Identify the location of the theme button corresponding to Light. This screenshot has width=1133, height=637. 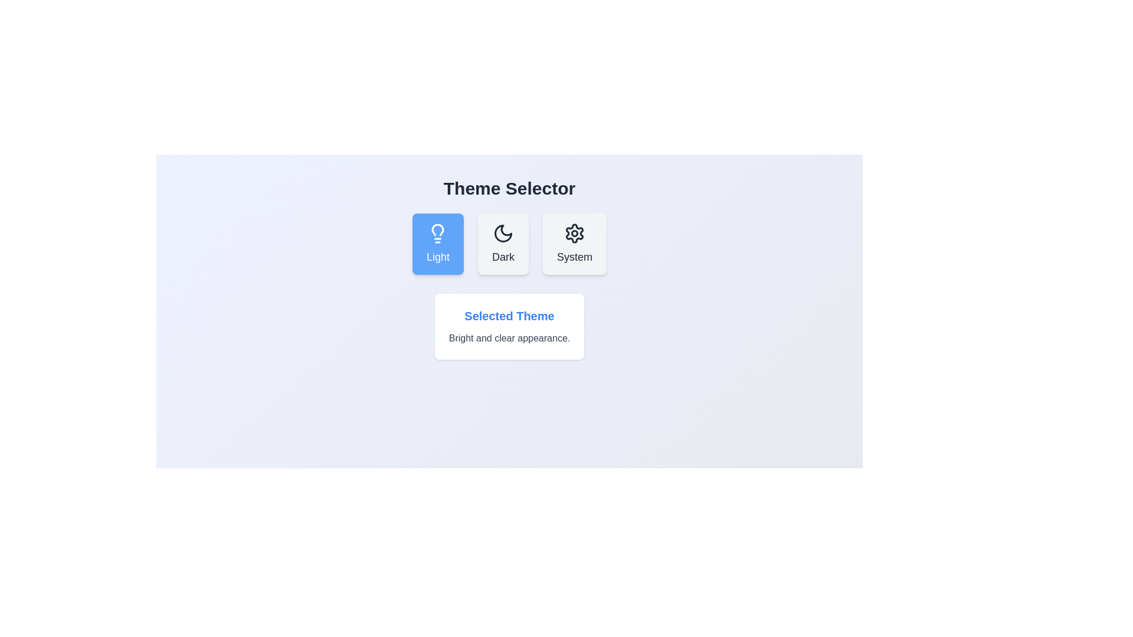
(437, 243).